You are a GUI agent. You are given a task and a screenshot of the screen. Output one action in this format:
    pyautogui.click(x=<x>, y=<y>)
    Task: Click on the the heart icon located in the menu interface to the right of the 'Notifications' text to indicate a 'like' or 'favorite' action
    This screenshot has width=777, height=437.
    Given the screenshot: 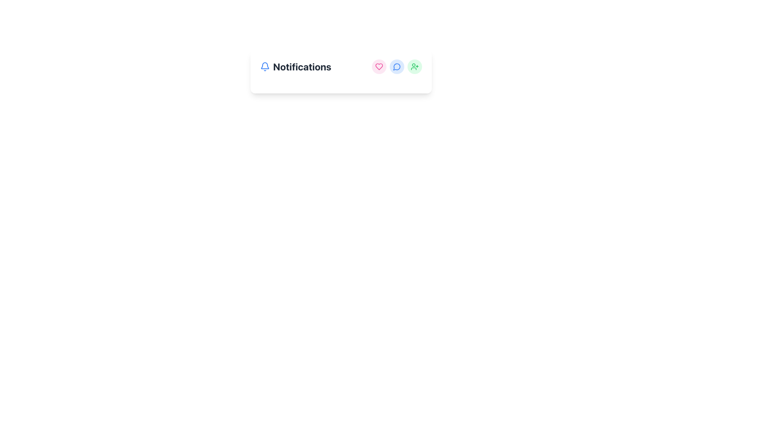 What is the action you would take?
    pyautogui.click(x=378, y=66)
    